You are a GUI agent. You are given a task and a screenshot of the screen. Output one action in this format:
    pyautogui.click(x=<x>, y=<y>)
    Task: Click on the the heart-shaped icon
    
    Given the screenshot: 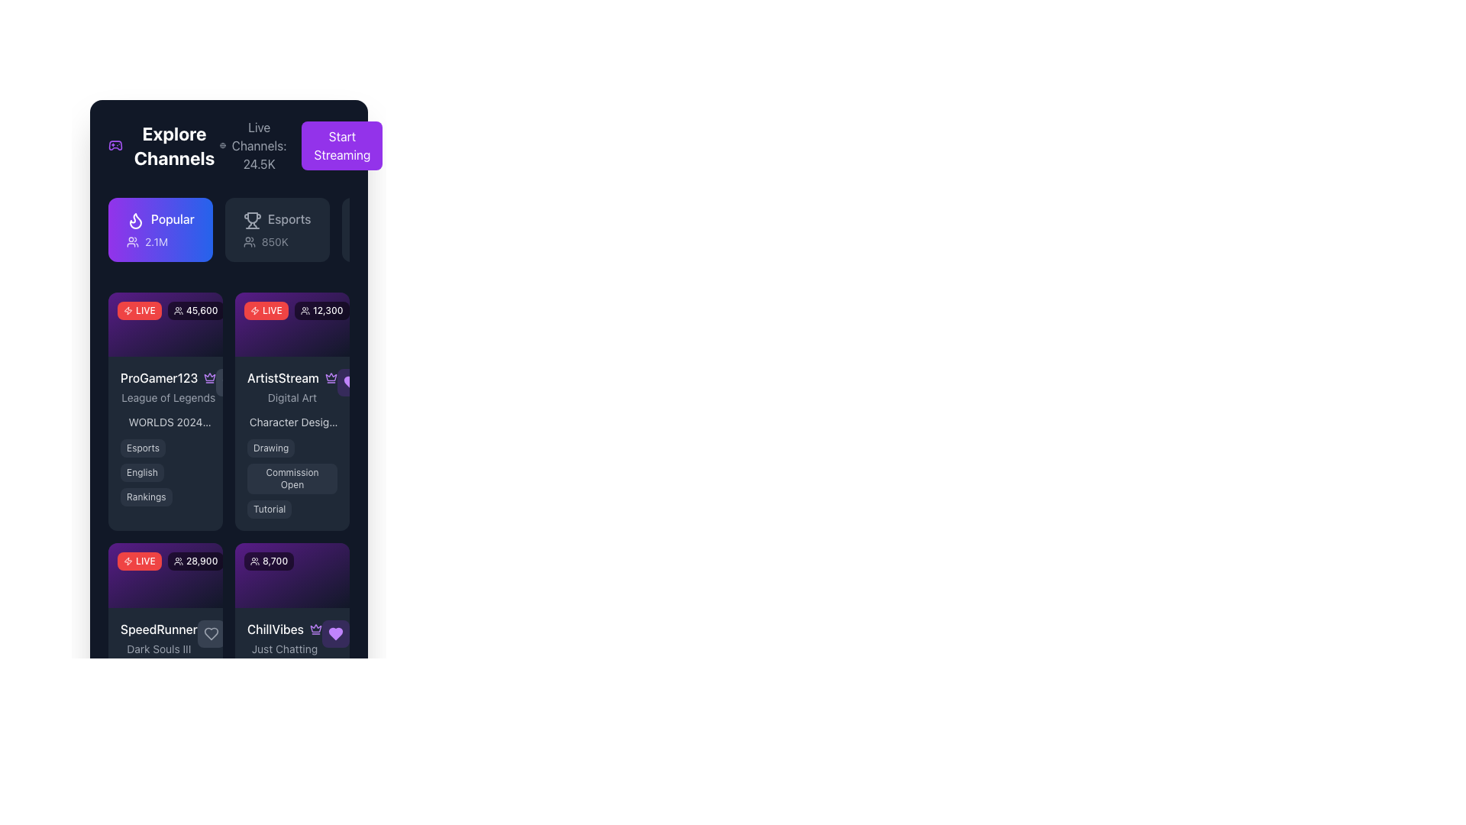 What is the action you would take?
    pyautogui.click(x=334, y=633)
    